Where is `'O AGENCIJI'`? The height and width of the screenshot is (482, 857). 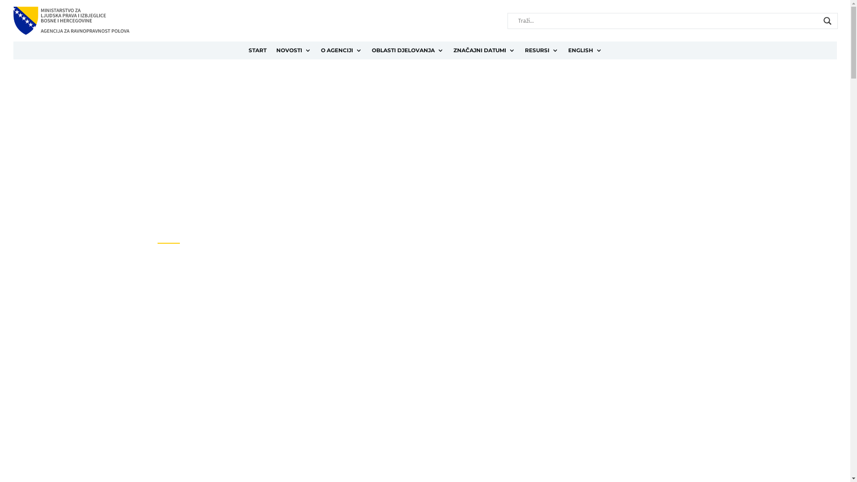 'O AGENCIJI' is located at coordinates (340, 52).